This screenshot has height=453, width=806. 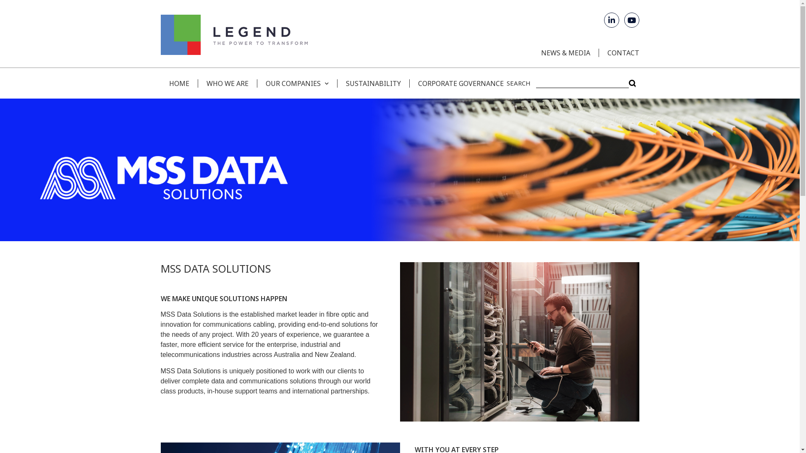 What do you see at coordinates (372, 83) in the screenshot?
I see `'SUSTAINABILITY'` at bounding box center [372, 83].